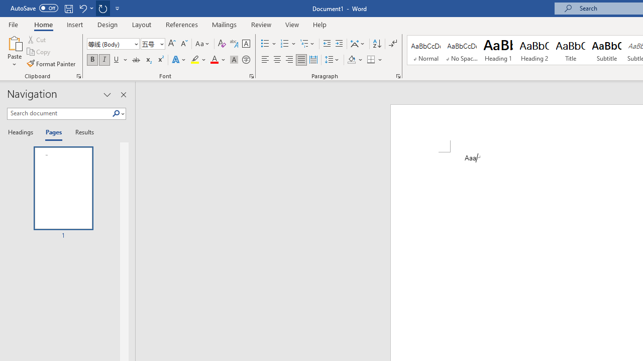 The image size is (643, 361). Describe the element at coordinates (380, 60) in the screenshot. I see `'More Options'` at that location.